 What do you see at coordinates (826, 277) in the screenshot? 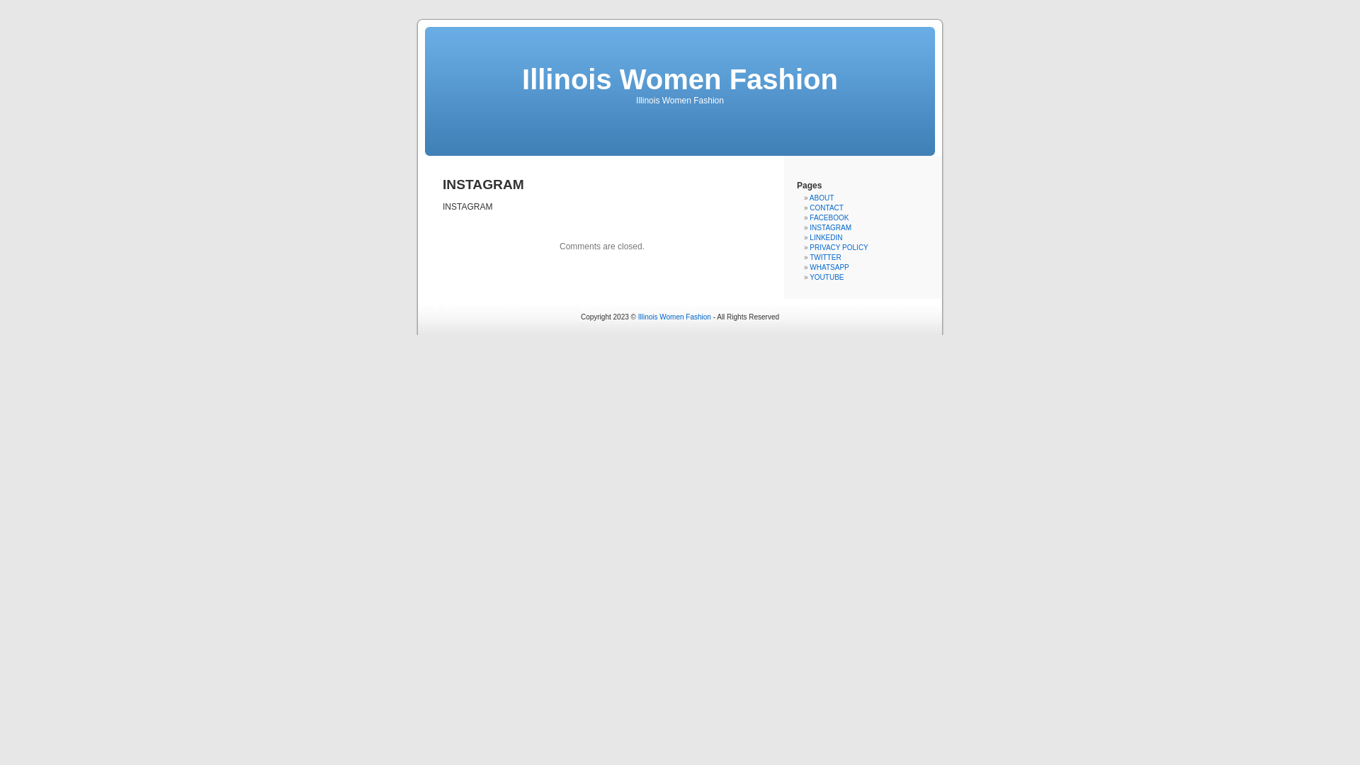
I see `'YOUTUBE'` at bounding box center [826, 277].